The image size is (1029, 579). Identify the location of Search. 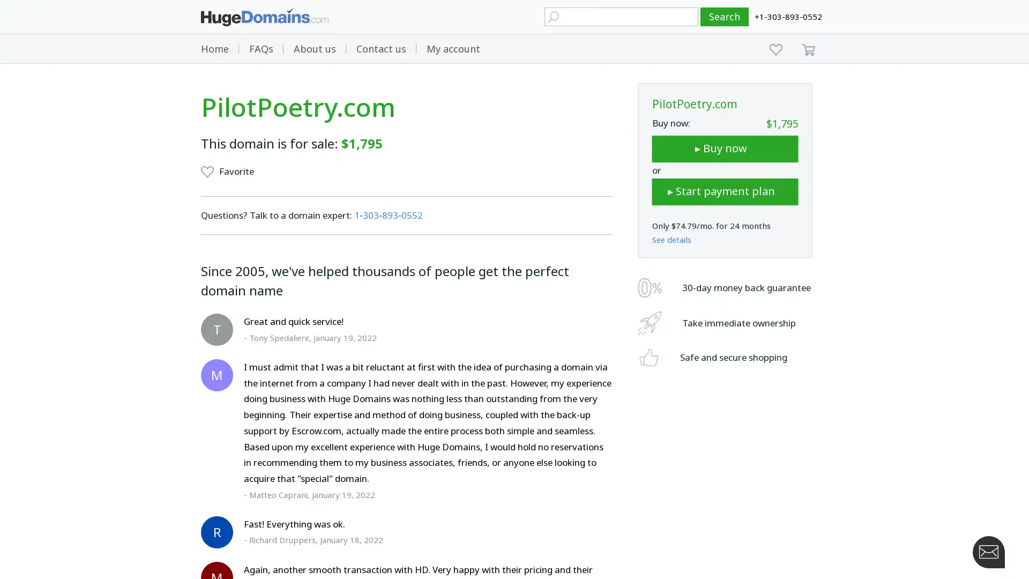
(725, 17).